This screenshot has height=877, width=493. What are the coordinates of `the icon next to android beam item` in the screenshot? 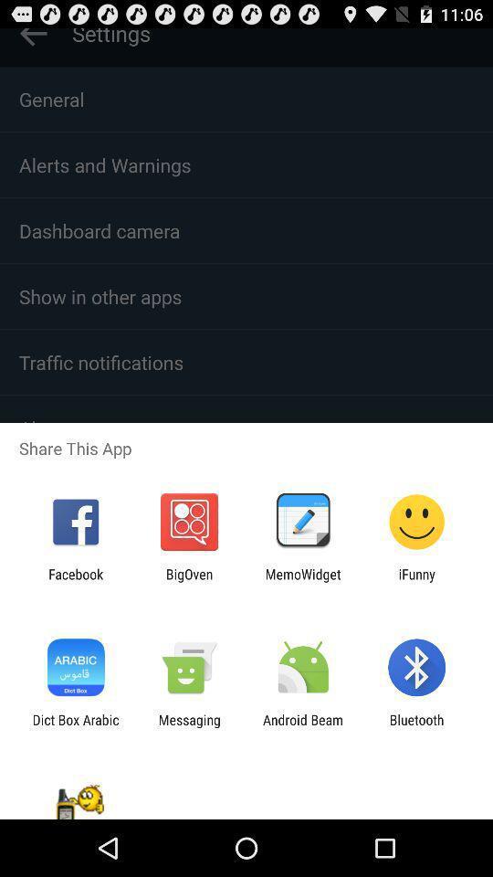 It's located at (188, 727).